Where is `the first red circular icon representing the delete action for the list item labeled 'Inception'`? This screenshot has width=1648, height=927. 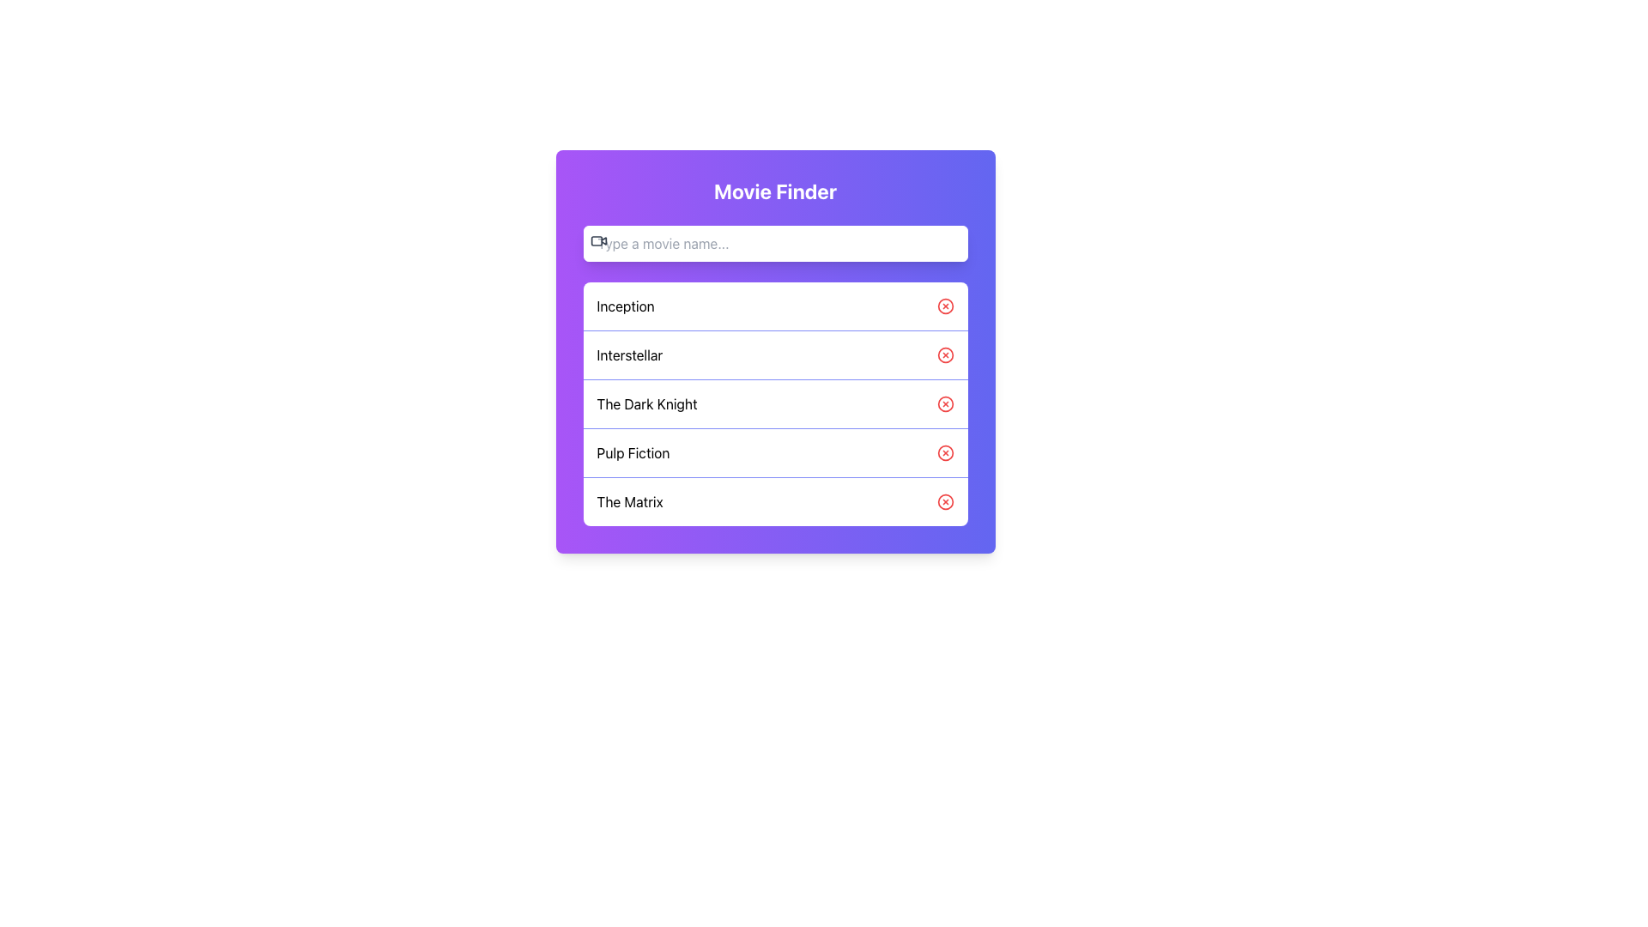
the first red circular icon representing the delete action for the list item labeled 'Inception' is located at coordinates (944, 306).